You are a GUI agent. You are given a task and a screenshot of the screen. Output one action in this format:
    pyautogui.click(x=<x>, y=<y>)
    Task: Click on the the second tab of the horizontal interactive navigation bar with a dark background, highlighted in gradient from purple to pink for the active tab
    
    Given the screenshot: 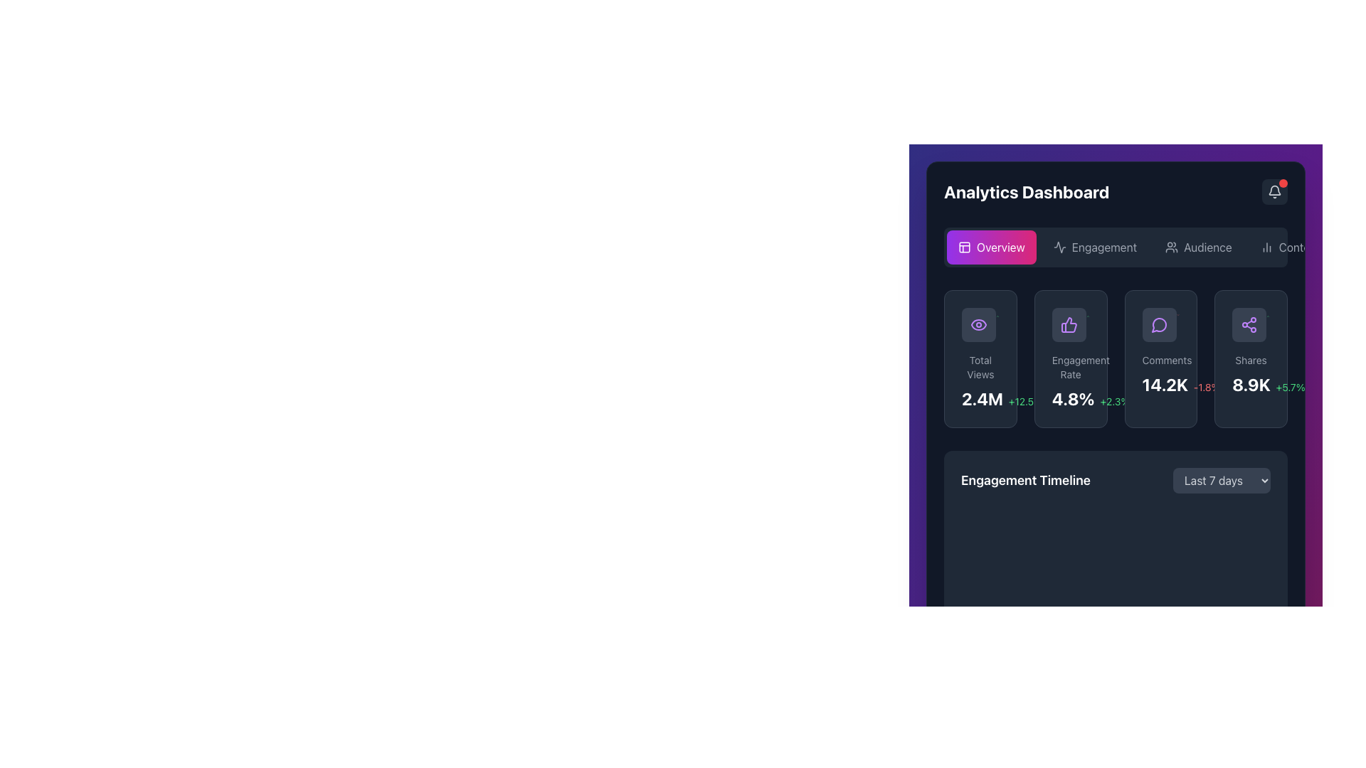 What is the action you would take?
    pyautogui.click(x=1115, y=246)
    